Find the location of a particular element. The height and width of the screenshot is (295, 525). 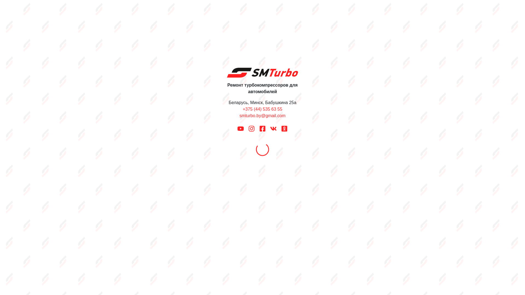

'Youtube' is located at coordinates (240, 128).